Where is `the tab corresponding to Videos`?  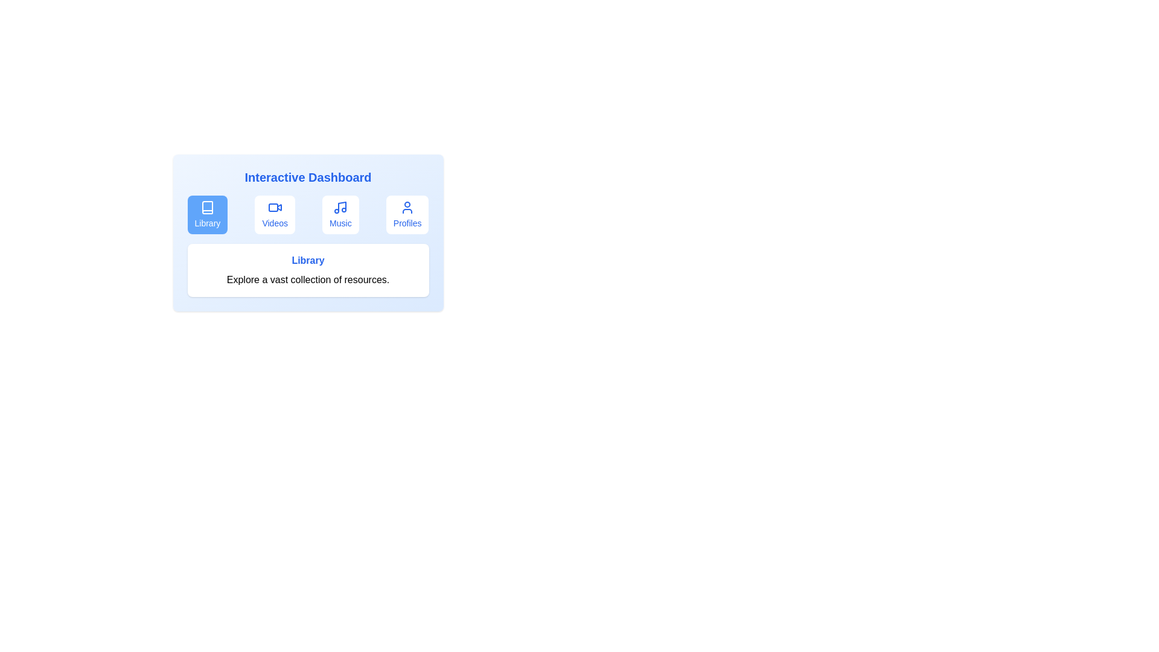
the tab corresponding to Videos is located at coordinates (274, 214).